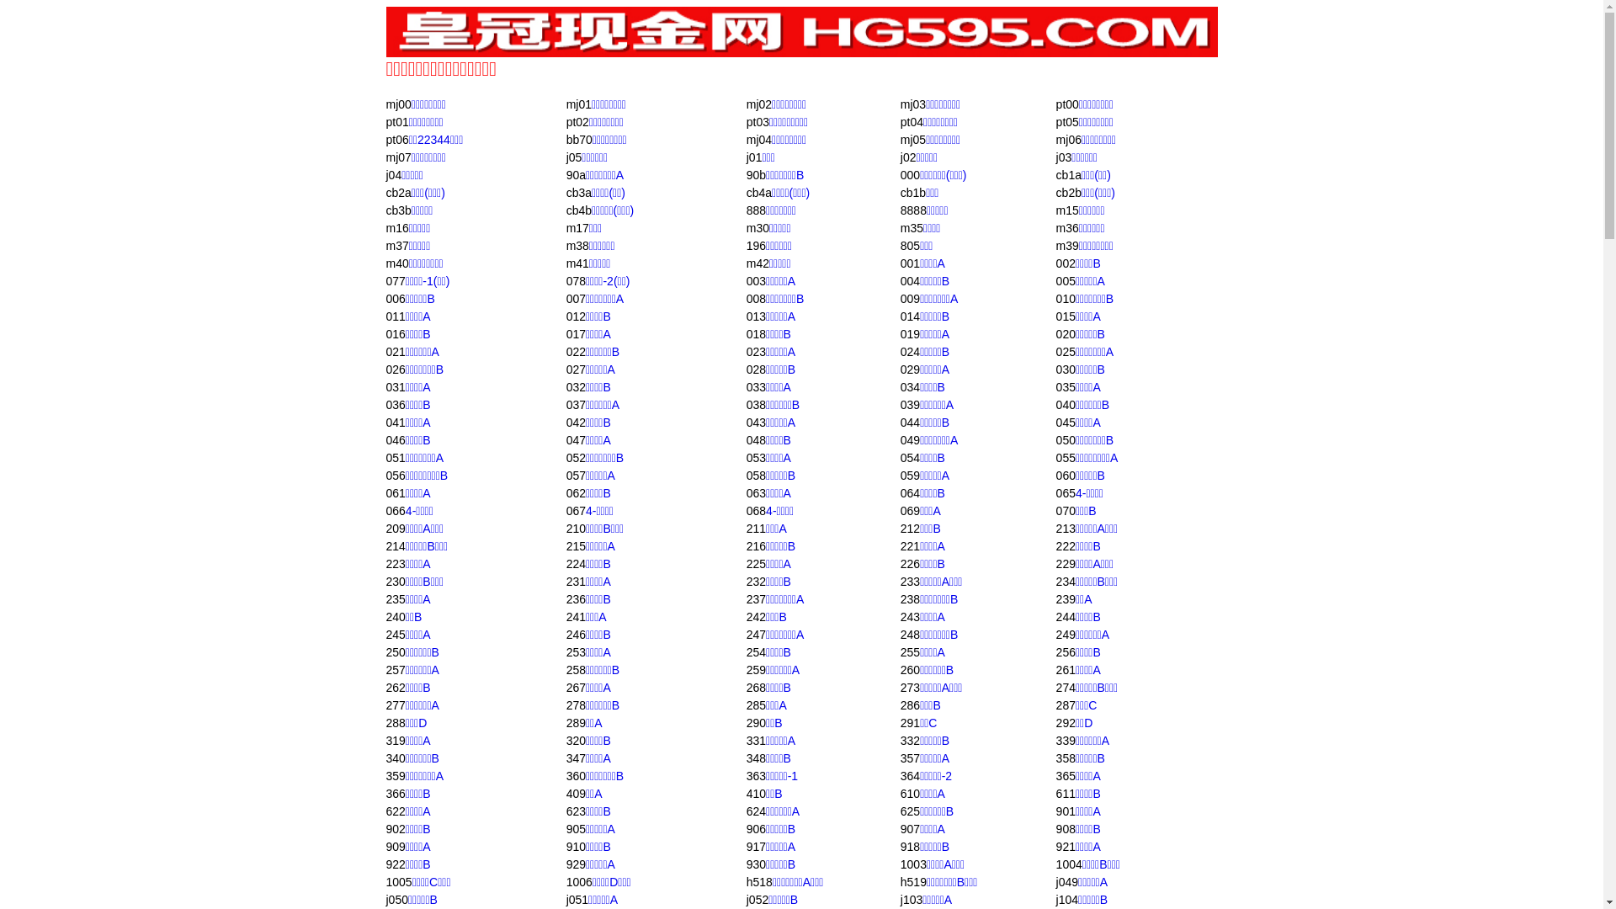 This screenshot has height=909, width=1616. Describe the element at coordinates (755, 439) in the screenshot. I see `'048'` at that location.